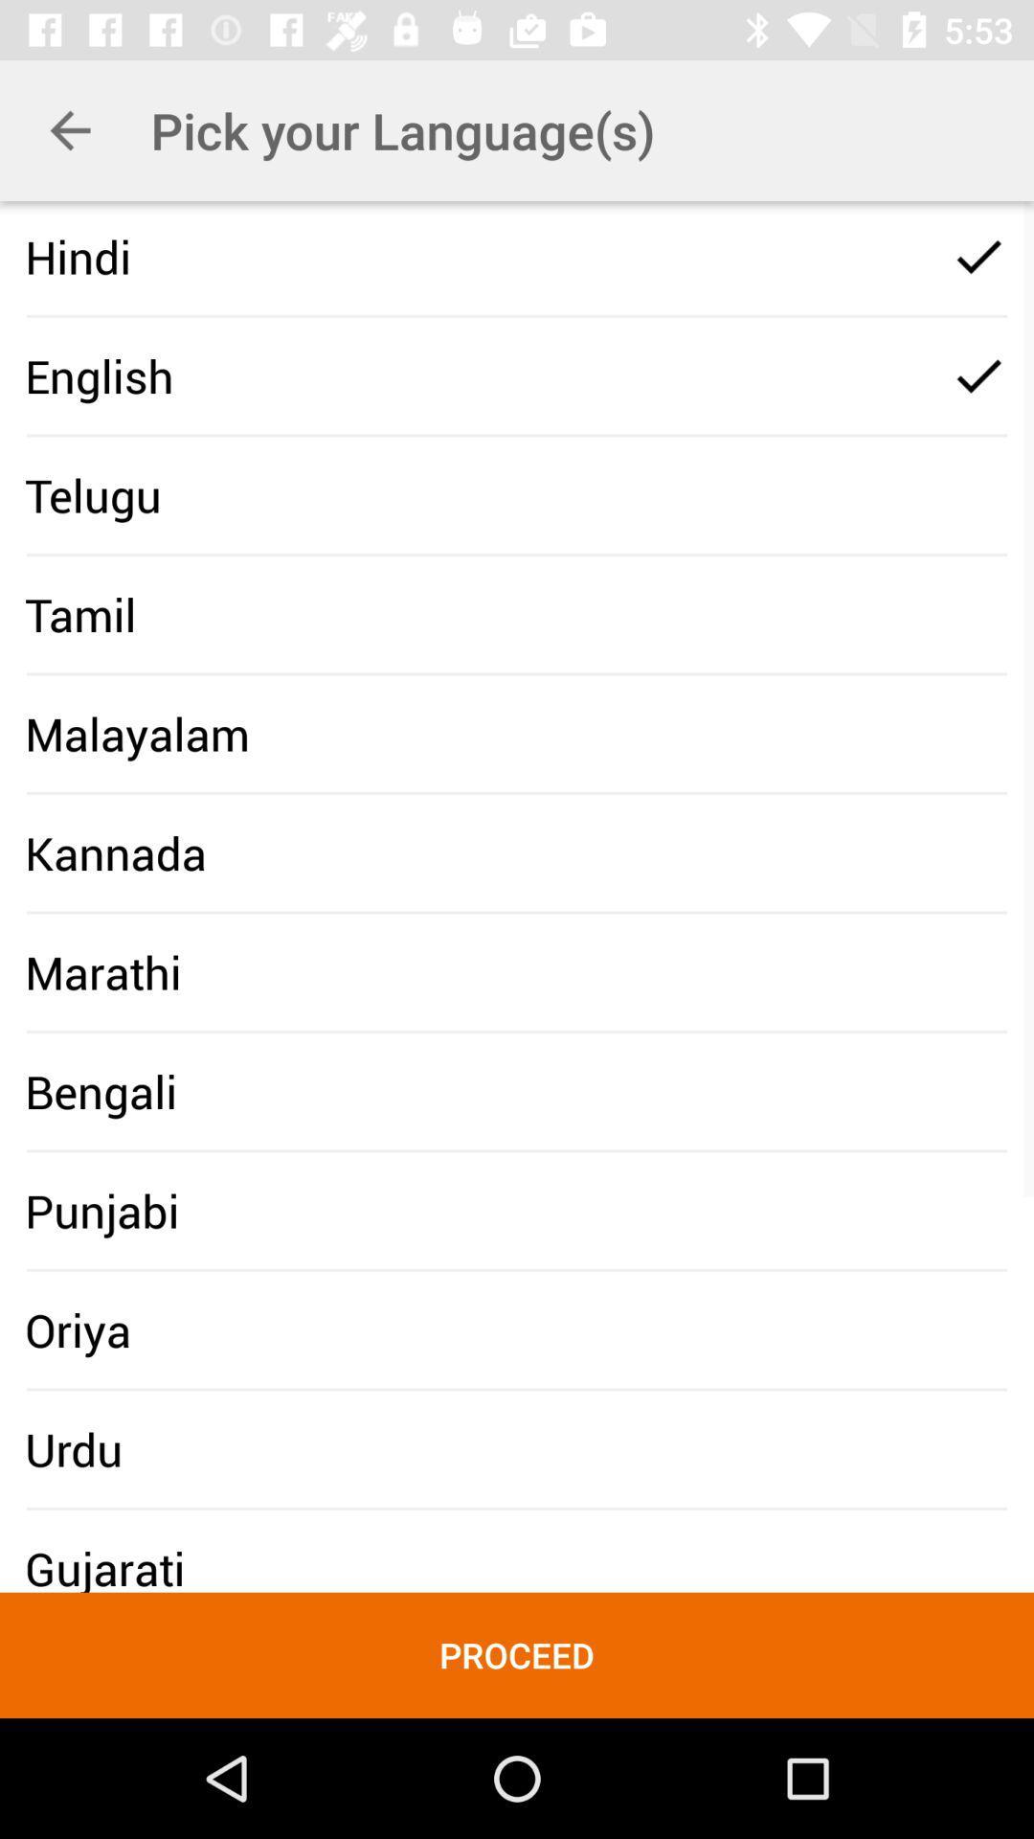 The image size is (1034, 1839). Describe the element at coordinates (101, 1210) in the screenshot. I see `the item below bengali item` at that location.